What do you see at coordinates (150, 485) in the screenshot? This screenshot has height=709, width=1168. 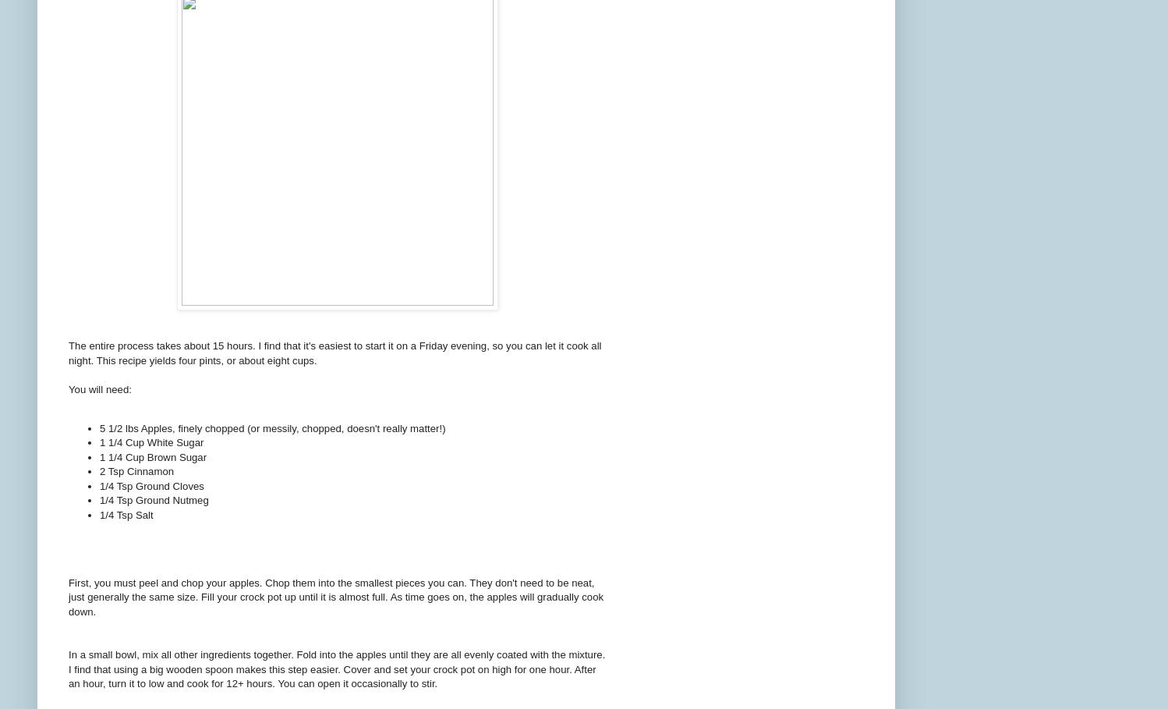 I see `'1/4 Tsp Ground Cloves'` at bounding box center [150, 485].